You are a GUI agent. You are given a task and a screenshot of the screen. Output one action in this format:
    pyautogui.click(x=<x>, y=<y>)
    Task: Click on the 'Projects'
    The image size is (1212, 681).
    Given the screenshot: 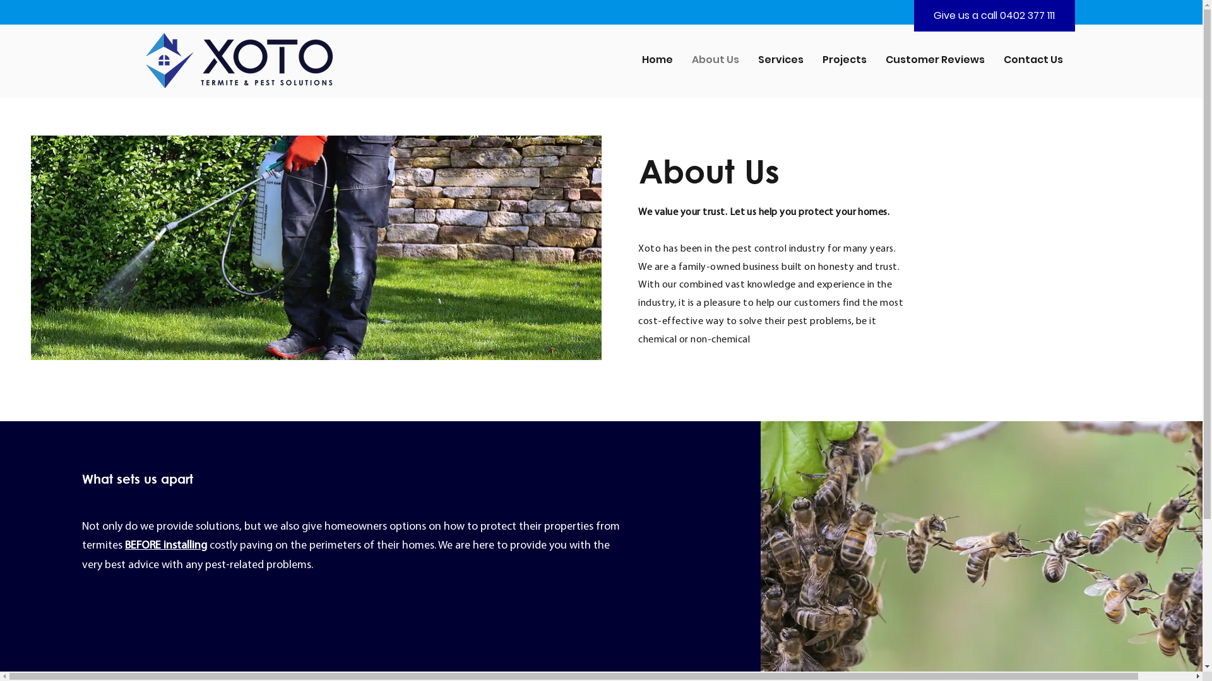 What is the action you would take?
    pyautogui.click(x=845, y=59)
    